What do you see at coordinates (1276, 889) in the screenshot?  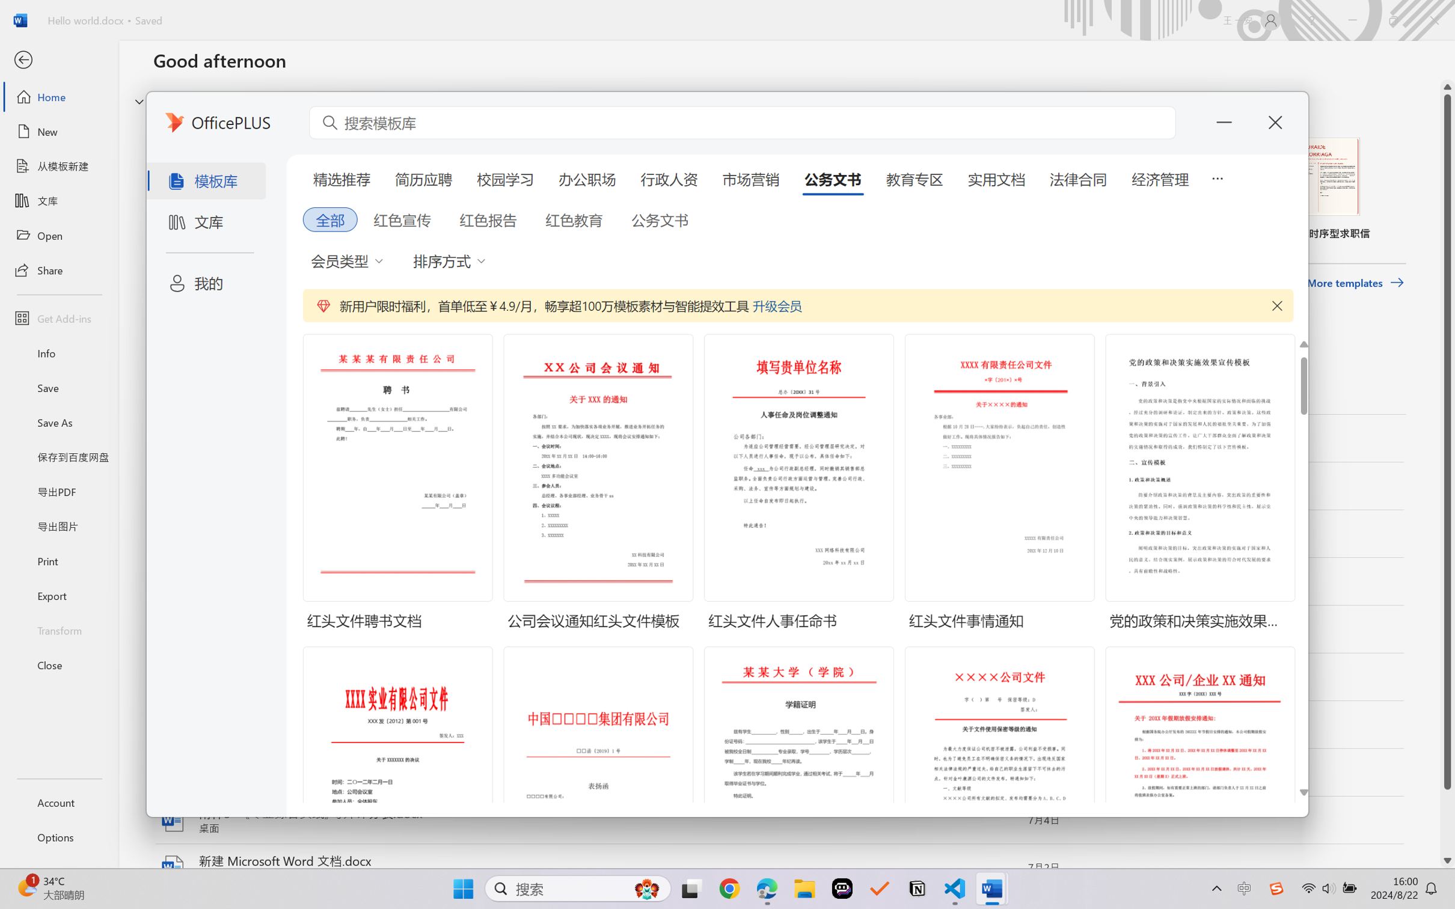 I see `'Class: Image'` at bounding box center [1276, 889].